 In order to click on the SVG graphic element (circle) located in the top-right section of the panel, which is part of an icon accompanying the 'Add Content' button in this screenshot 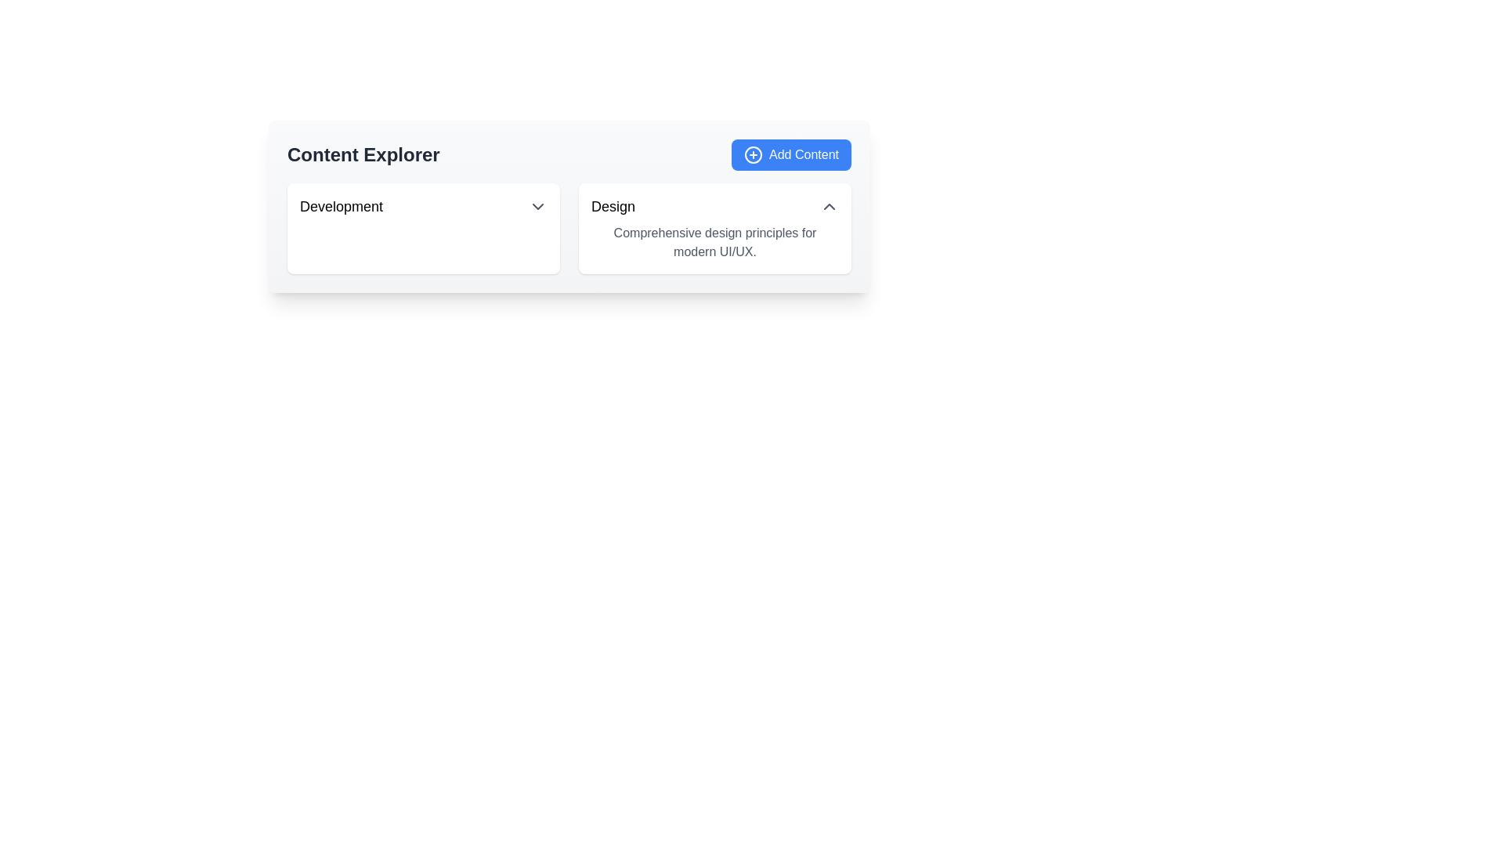, I will do `click(754, 154)`.